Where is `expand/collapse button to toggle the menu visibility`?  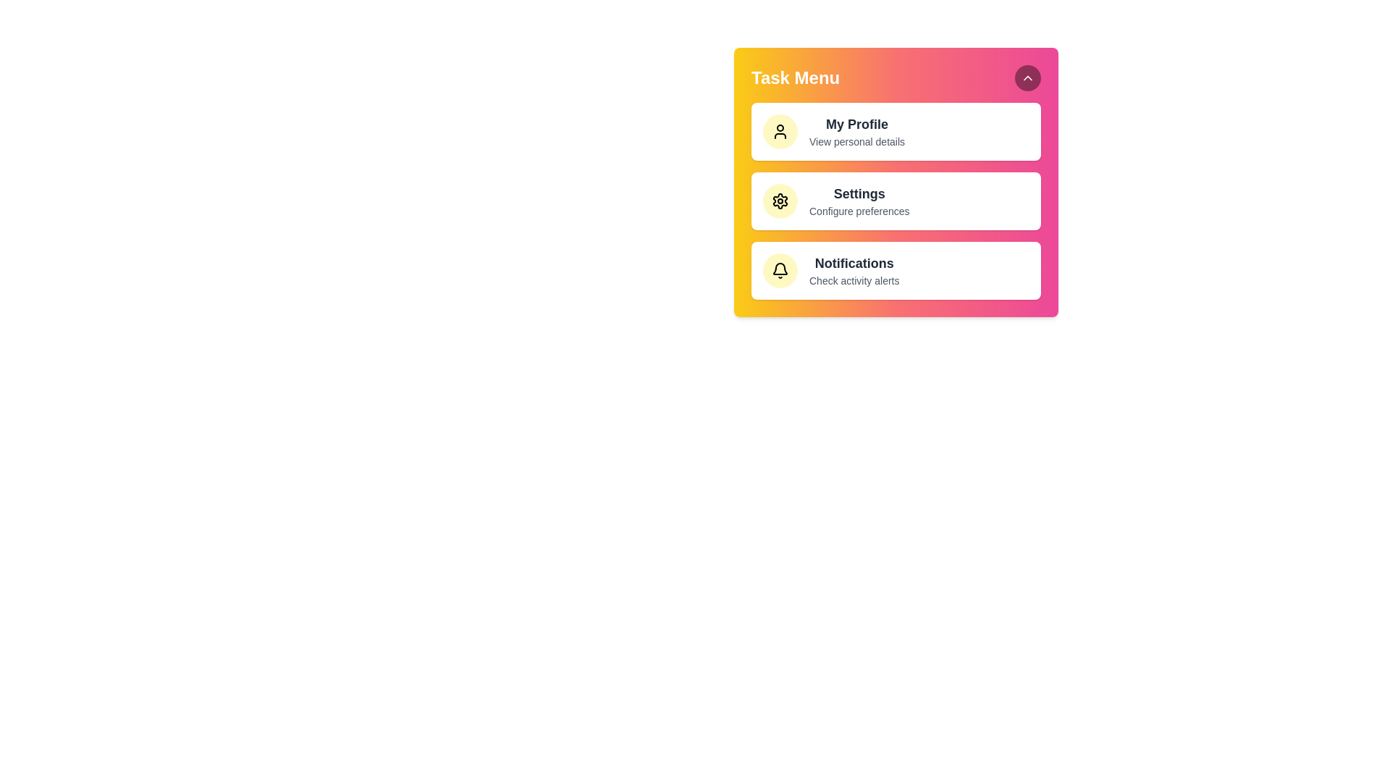
expand/collapse button to toggle the menu visibility is located at coordinates (1027, 78).